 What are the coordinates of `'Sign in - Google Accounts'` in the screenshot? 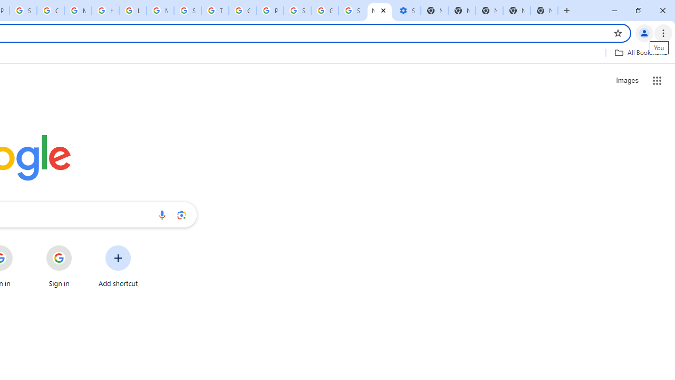 It's located at (23, 11).